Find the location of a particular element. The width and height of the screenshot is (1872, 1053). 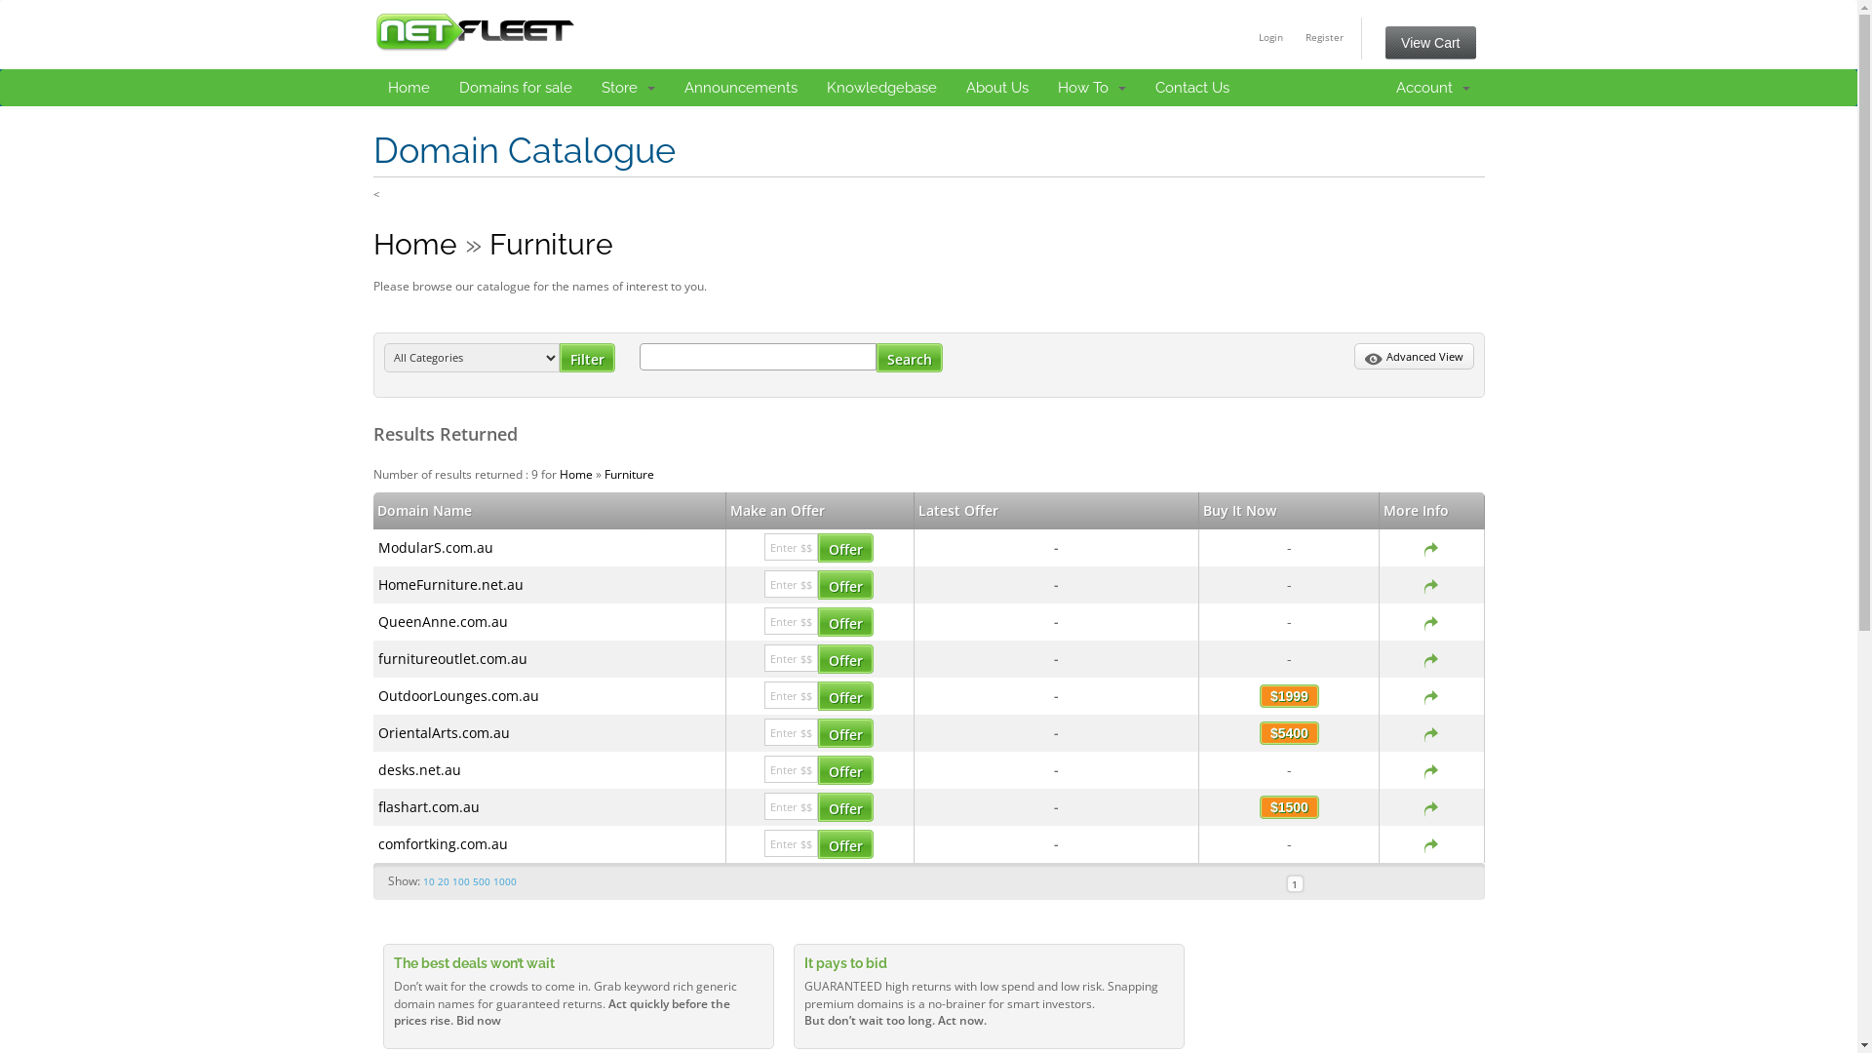

'Announcements' is located at coordinates (738, 86).